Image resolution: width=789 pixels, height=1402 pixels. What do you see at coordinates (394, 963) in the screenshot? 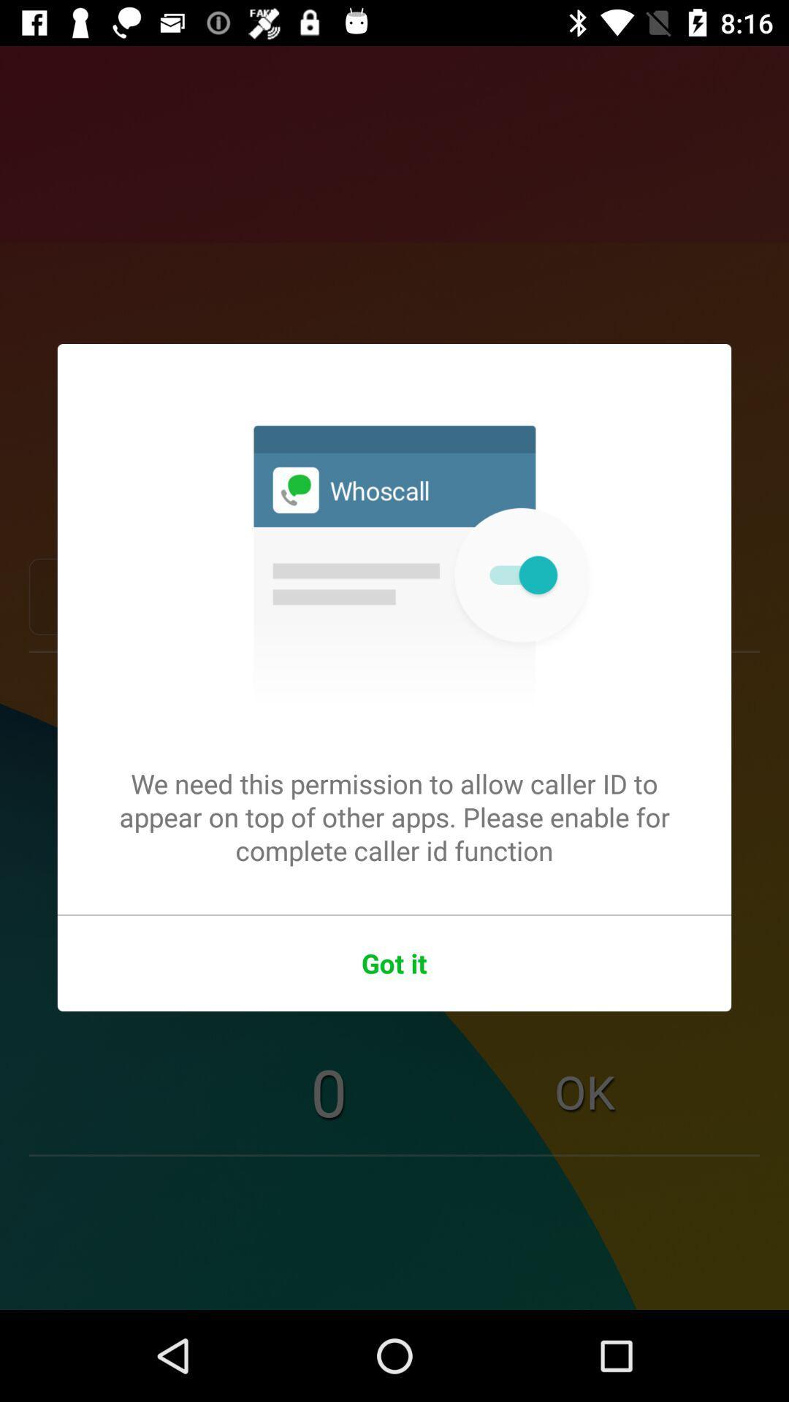
I see `the got it item` at bounding box center [394, 963].